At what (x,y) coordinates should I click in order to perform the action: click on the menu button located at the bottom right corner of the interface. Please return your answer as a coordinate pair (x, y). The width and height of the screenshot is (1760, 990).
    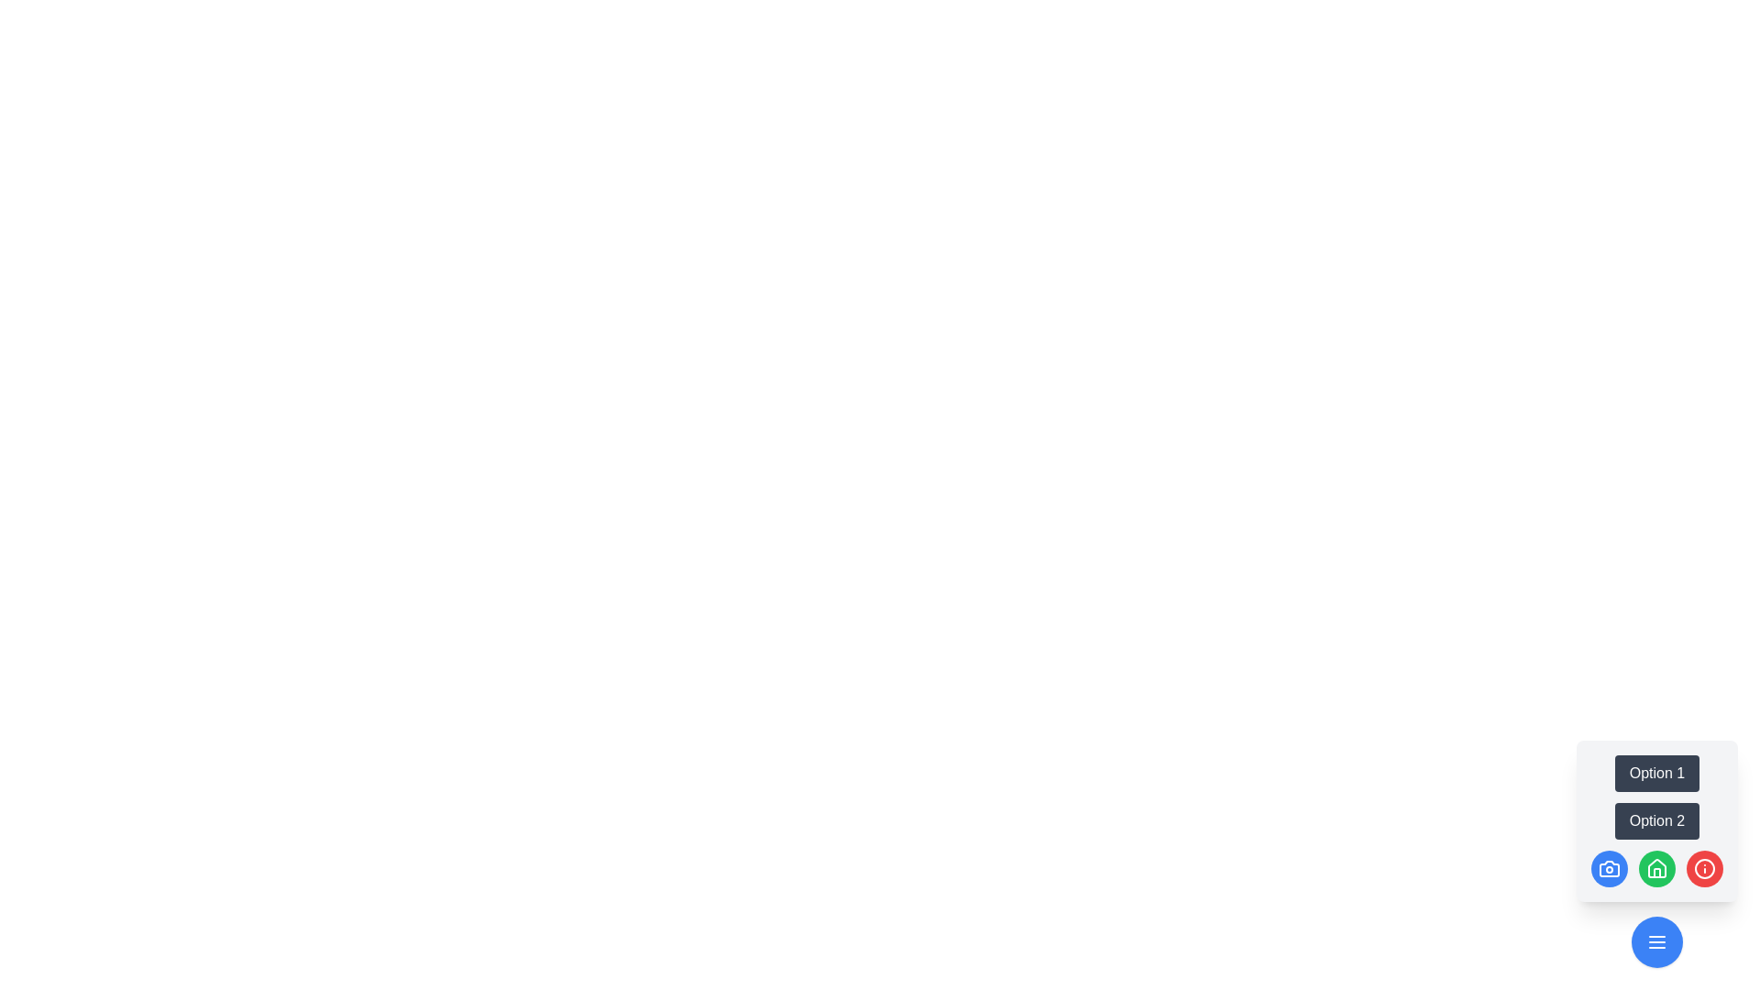
    Looking at the image, I should click on (1657, 942).